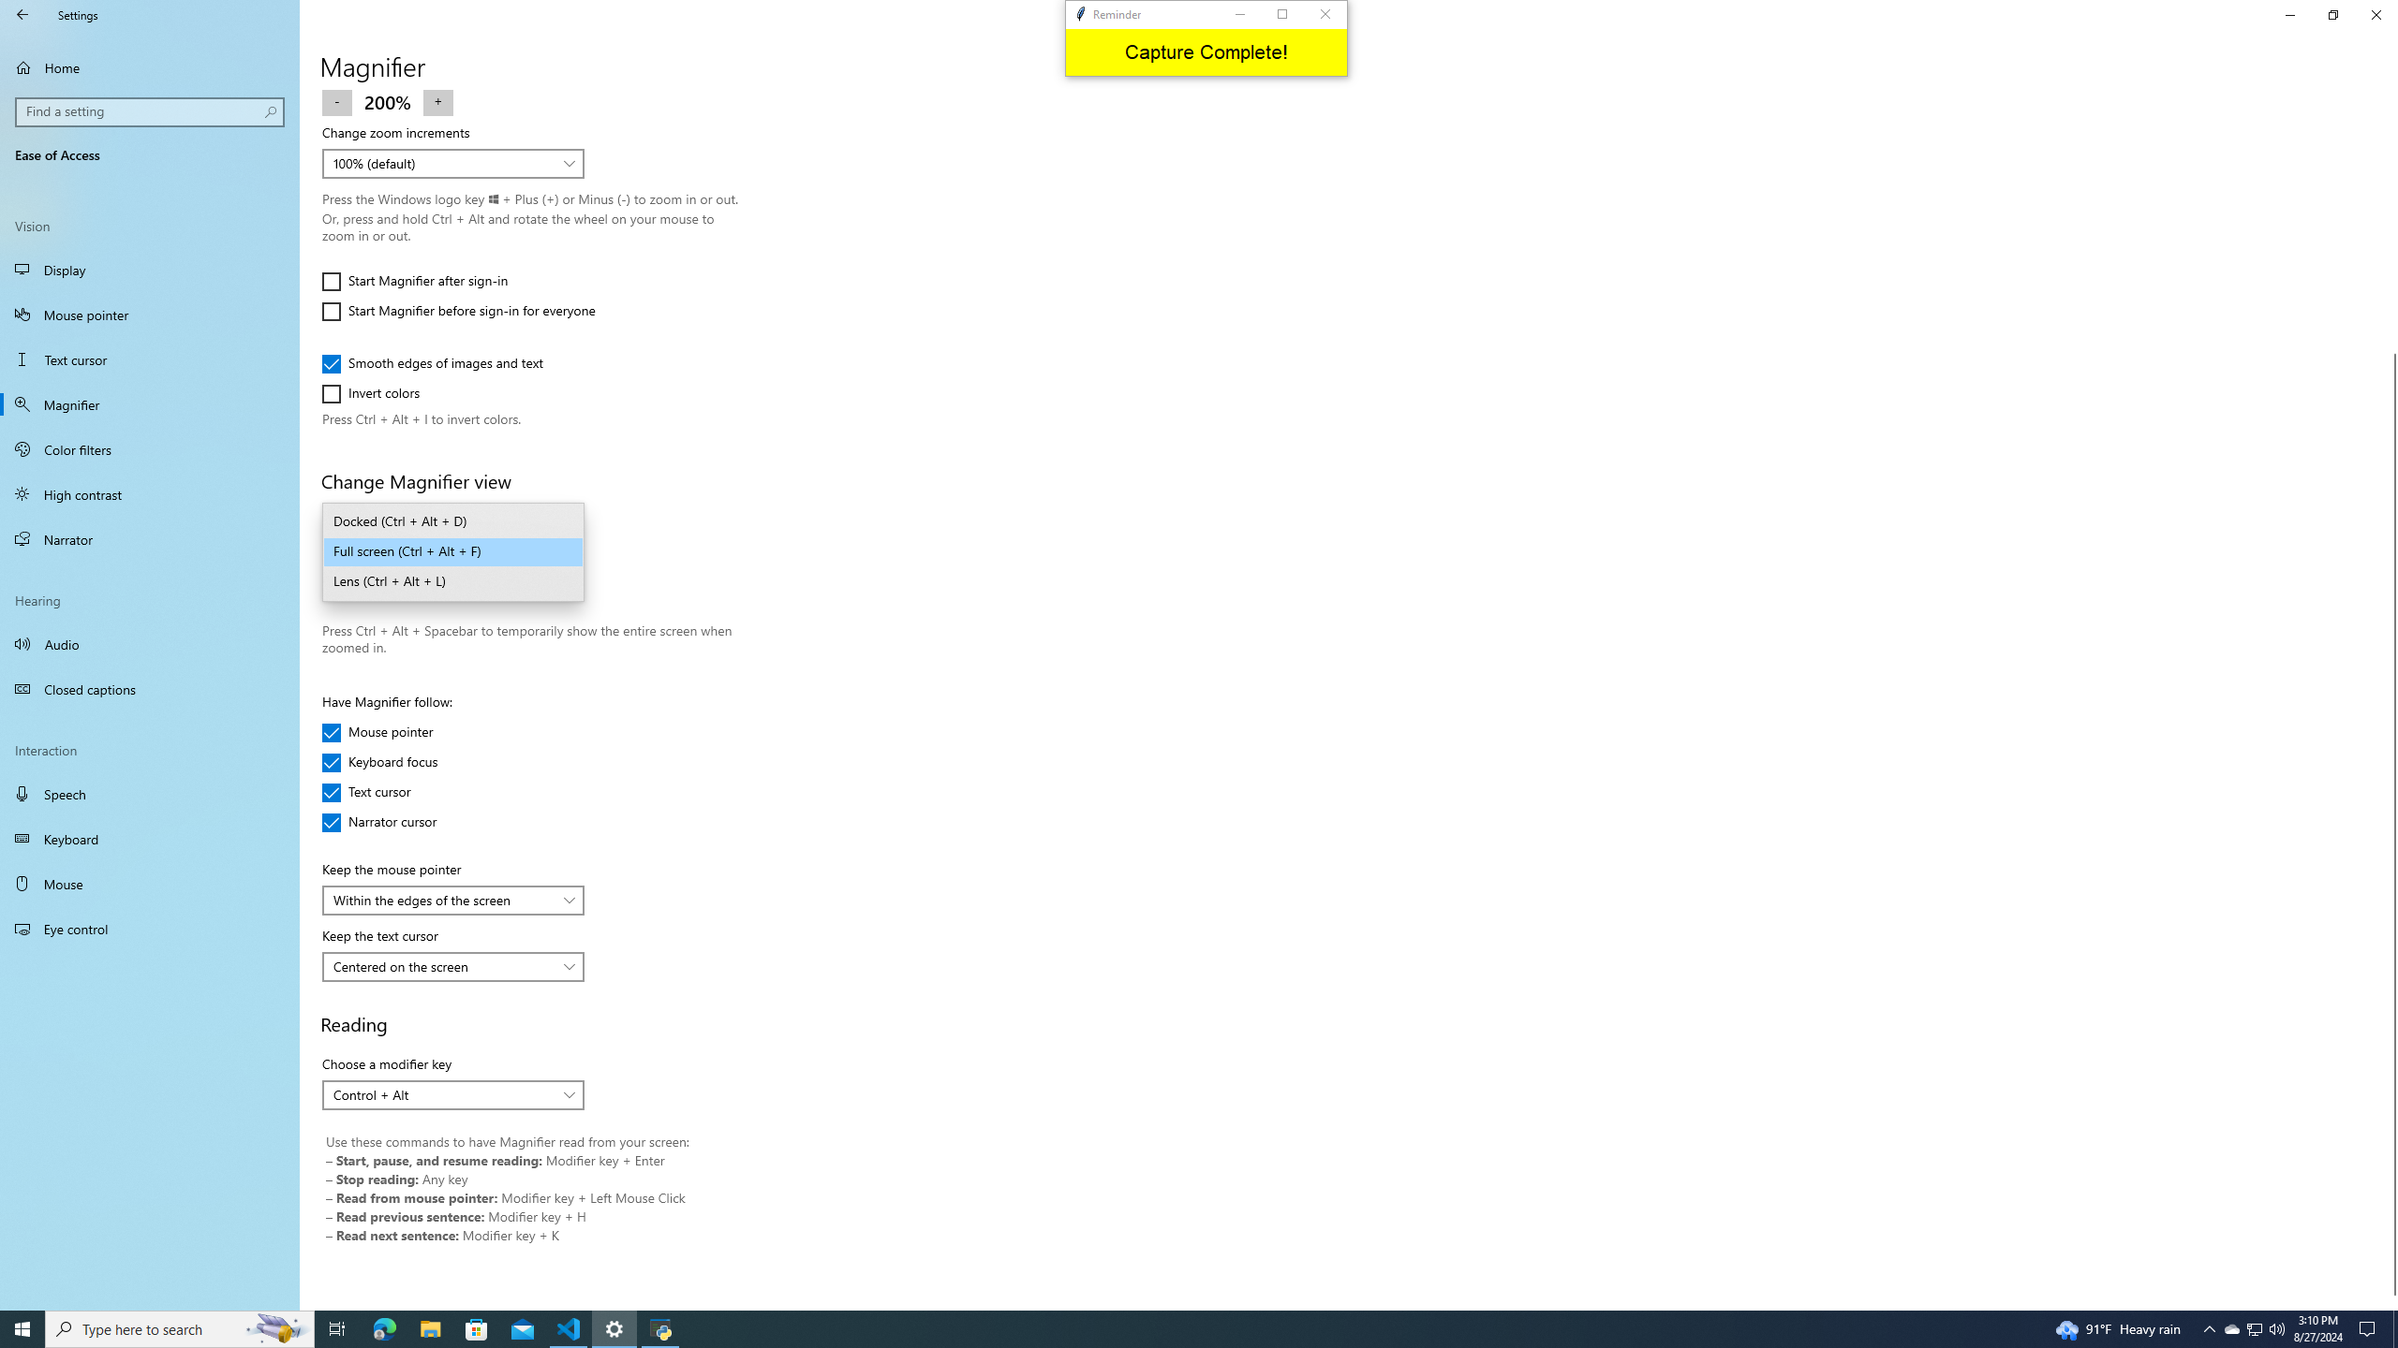 This screenshot has width=2398, height=1348. Describe the element at coordinates (149, 642) in the screenshot. I see `'Audio'` at that location.